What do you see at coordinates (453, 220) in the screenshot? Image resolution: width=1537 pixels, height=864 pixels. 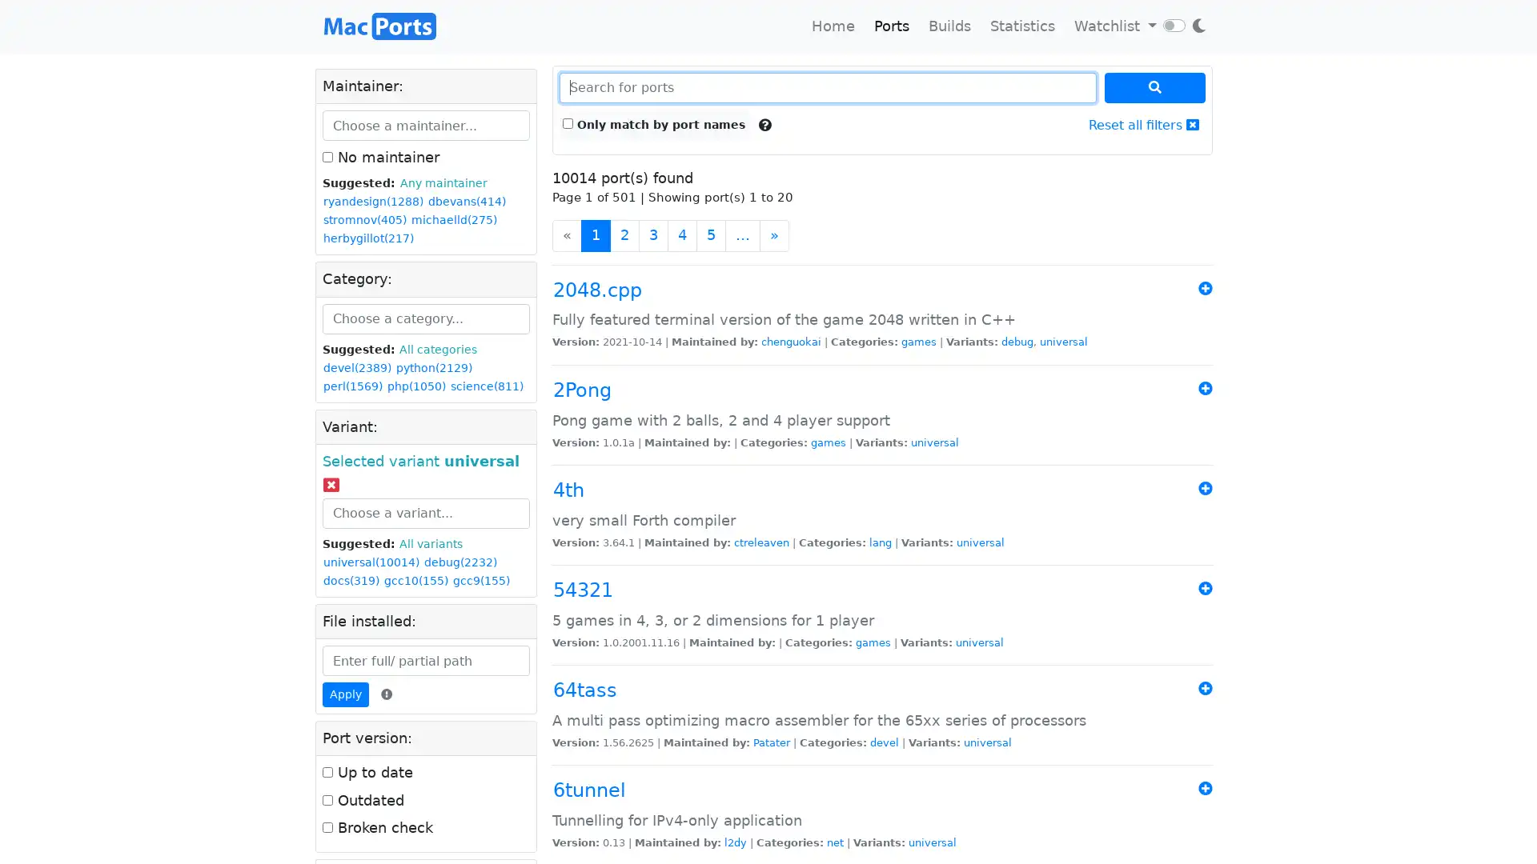 I see `michaelld(275)` at bounding box center [453, 220].